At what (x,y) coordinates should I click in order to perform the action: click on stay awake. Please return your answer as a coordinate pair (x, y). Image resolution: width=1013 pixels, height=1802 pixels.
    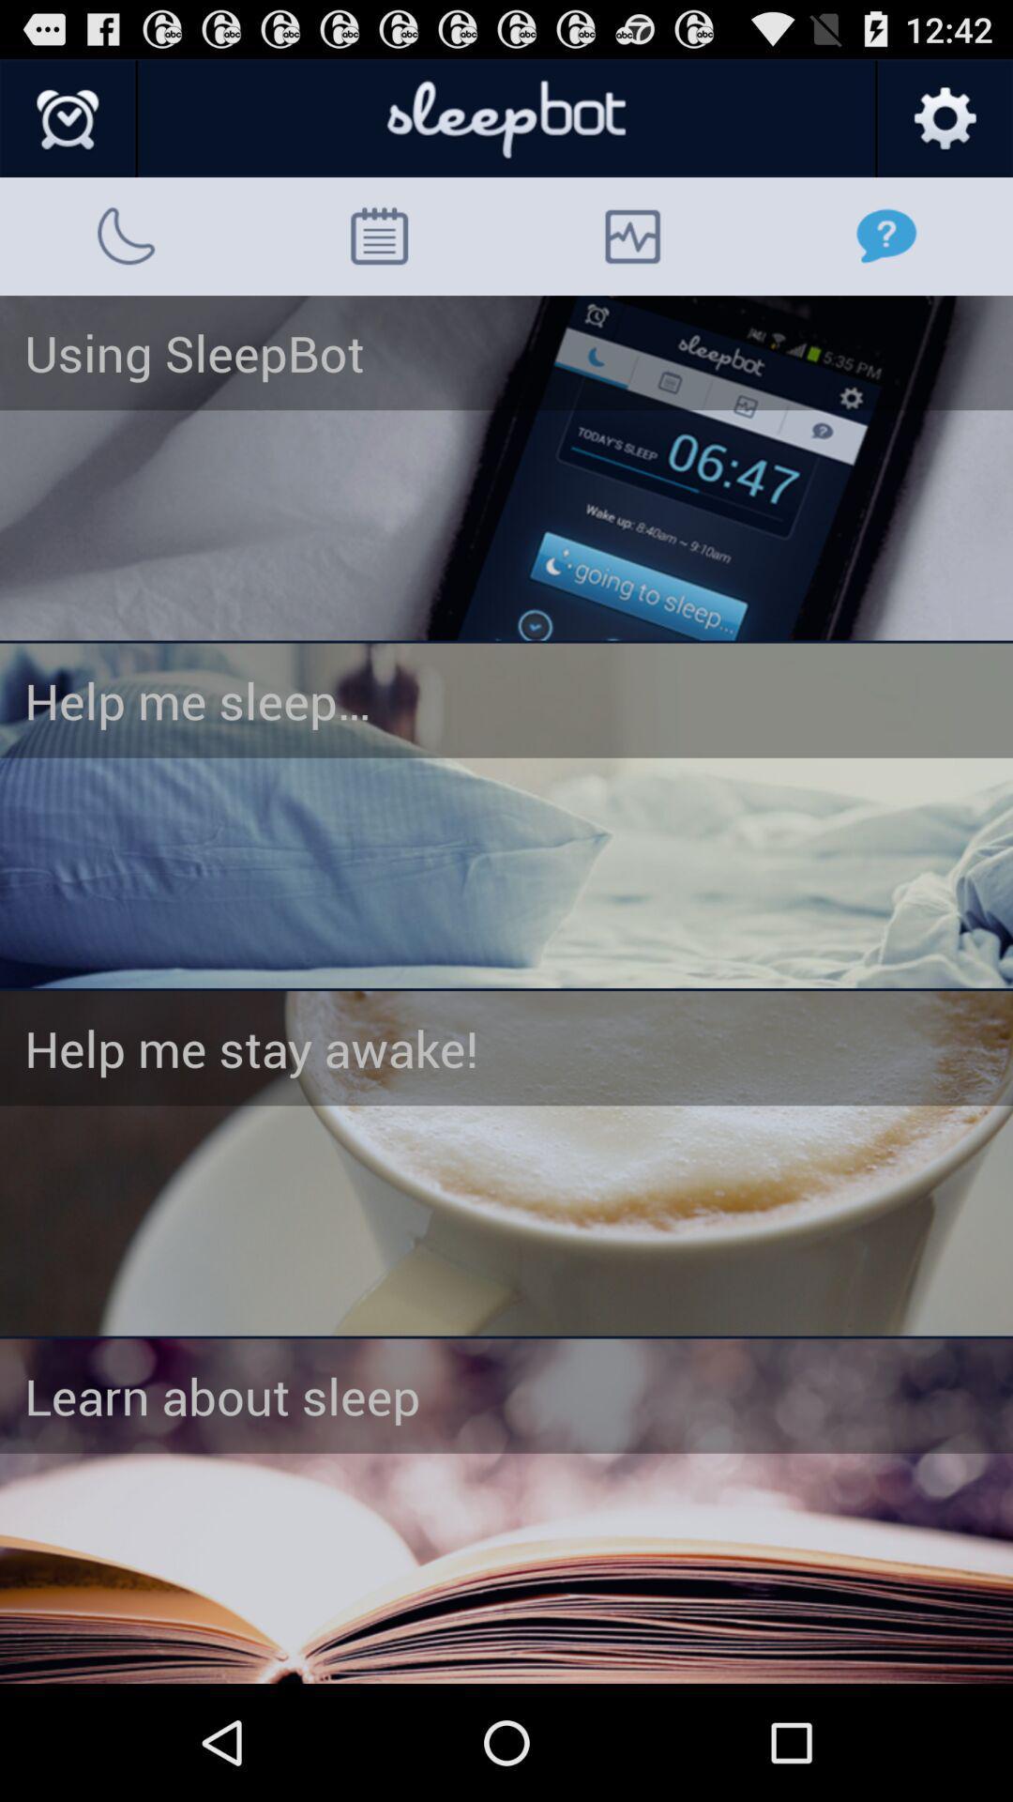
    Looking at the image, I should click on (506, 1162).